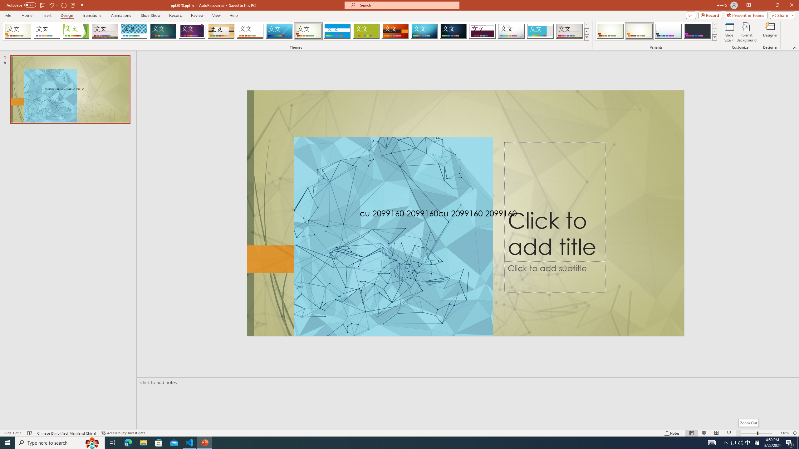  What do you see at coordinates (482, 31) in the screenshot?
I see `'Dividend Loading Preview...'` at bounding box center [482, 31].